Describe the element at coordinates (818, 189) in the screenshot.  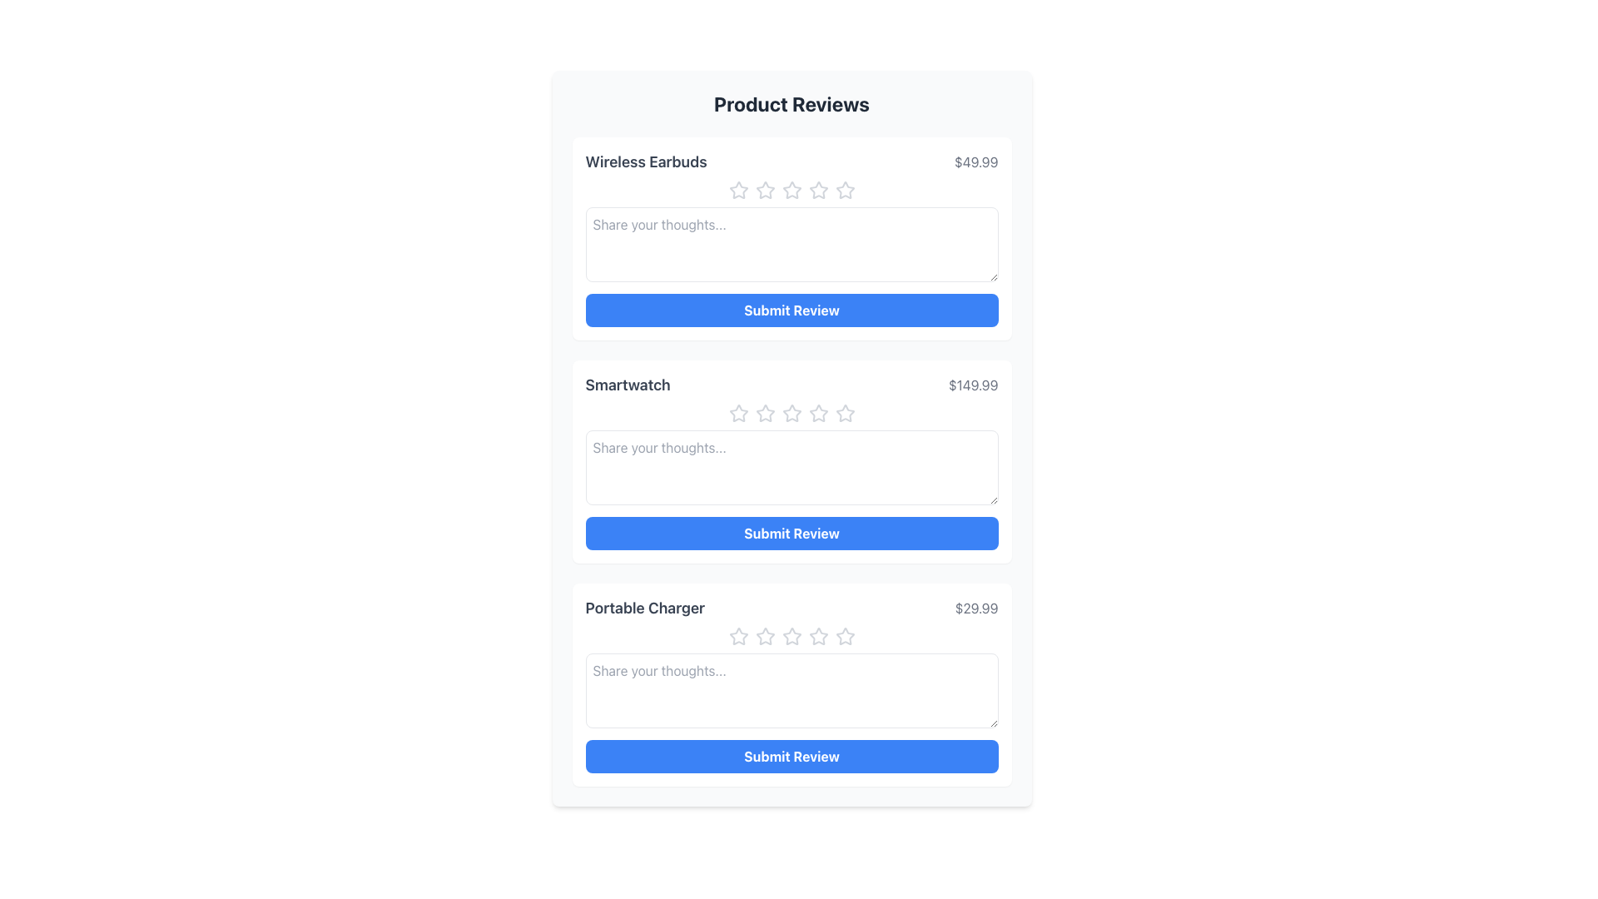
I see `the fourth star-shaped rating icon under the 'Wireless Earbuds' section to rate it` at that location.